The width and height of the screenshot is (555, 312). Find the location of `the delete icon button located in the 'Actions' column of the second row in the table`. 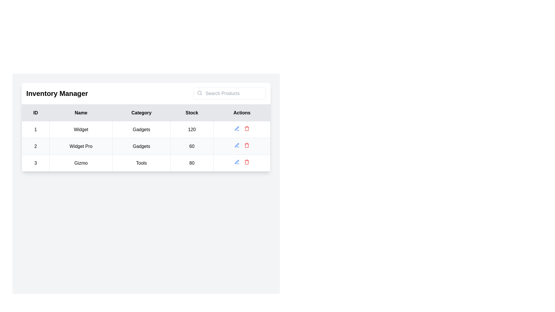

the delete icon button located in the 'Actions' column of the second row in the table is located at coordinates (247, 128).